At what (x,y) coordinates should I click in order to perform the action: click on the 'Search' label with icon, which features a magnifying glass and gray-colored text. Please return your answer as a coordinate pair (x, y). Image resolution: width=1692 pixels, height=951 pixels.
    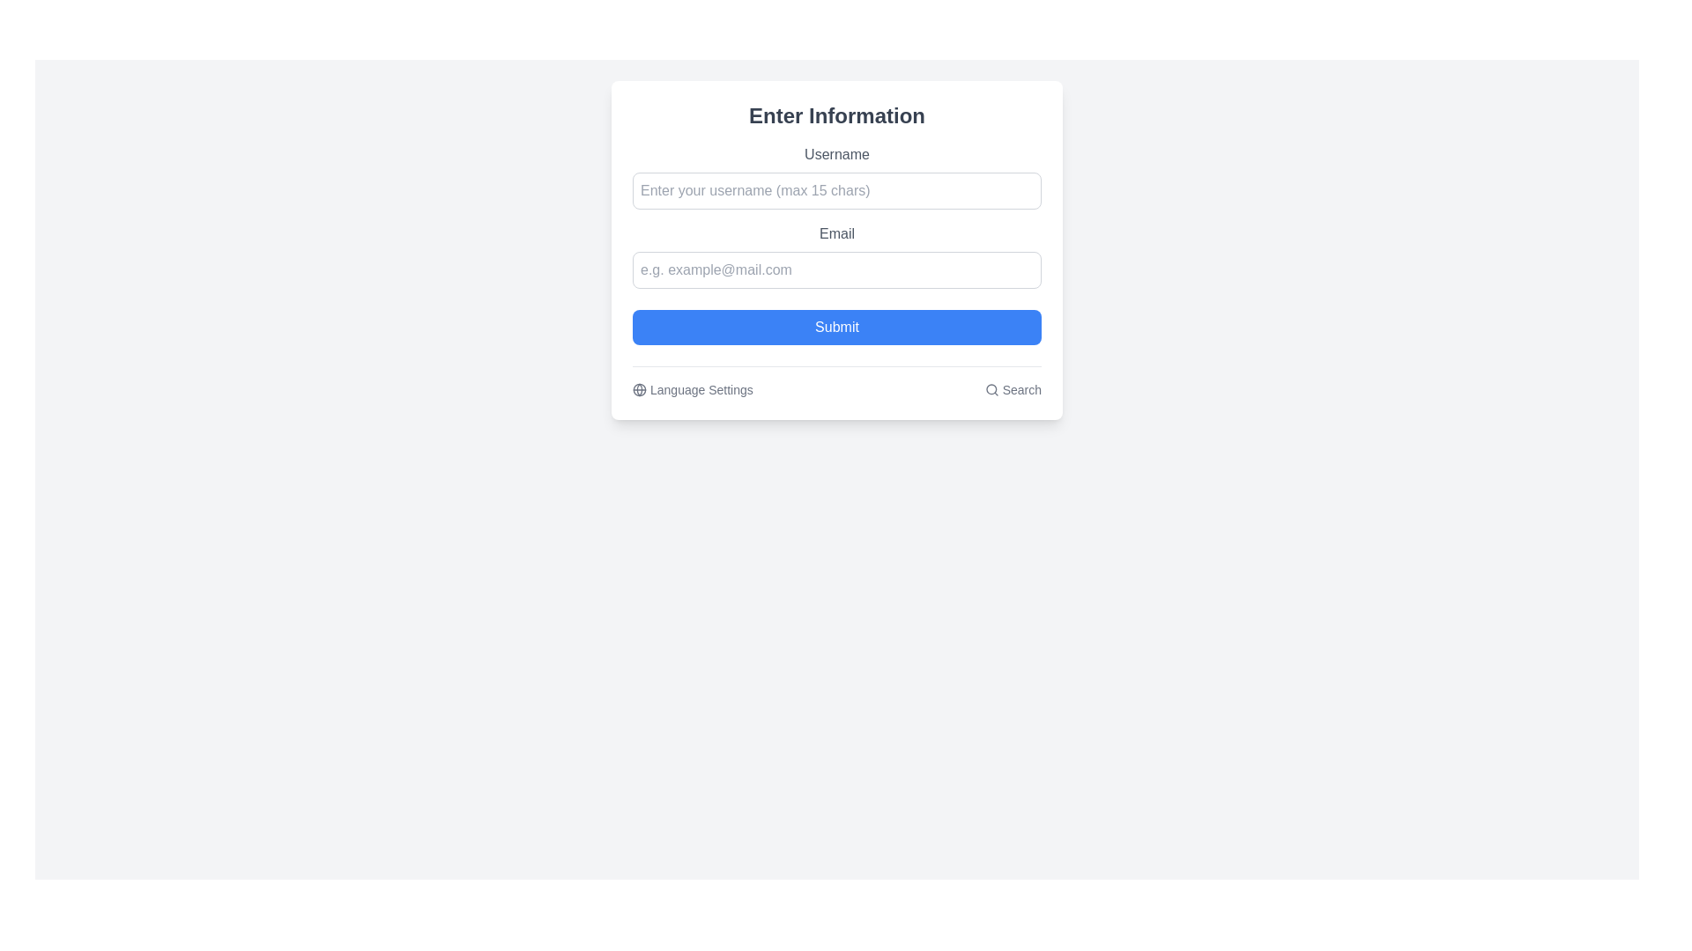
    Looking at the image, I should click on (1013, 389).